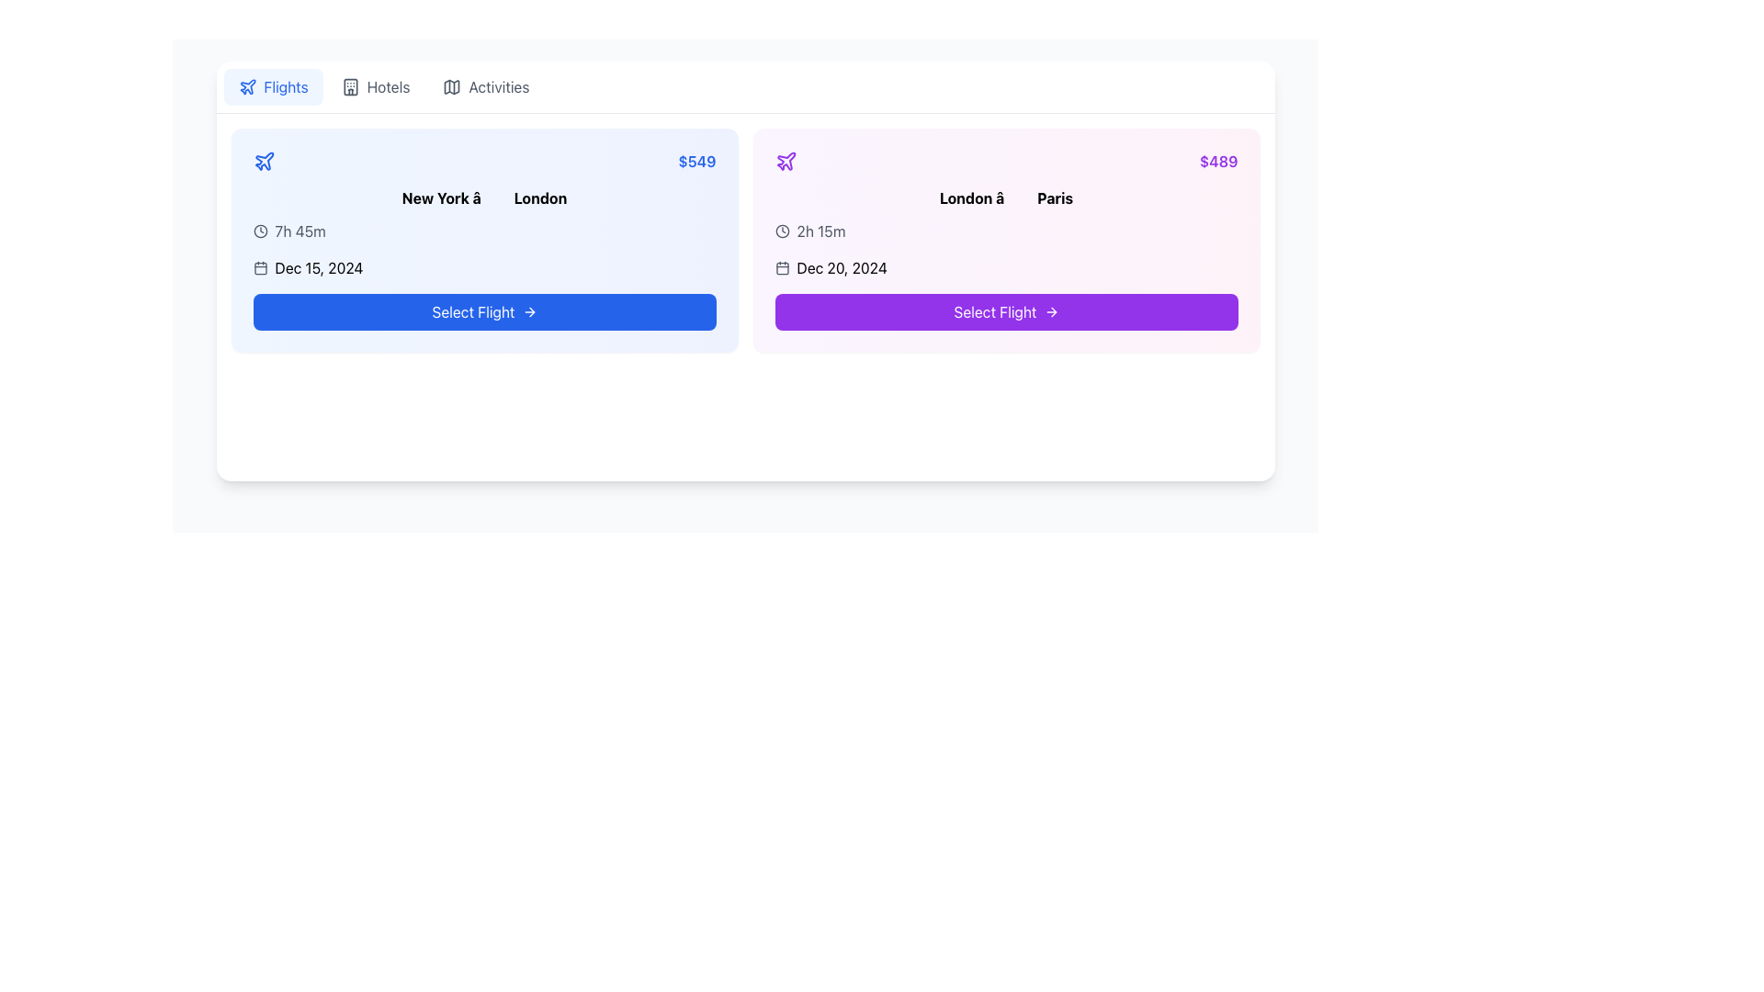 The height and width of the screenshot is (992, 1764). Describe the element at coordinates (1005, 310) in the screenshot. I see `the call-to-action button at the bottom of the flight details card` at that location.